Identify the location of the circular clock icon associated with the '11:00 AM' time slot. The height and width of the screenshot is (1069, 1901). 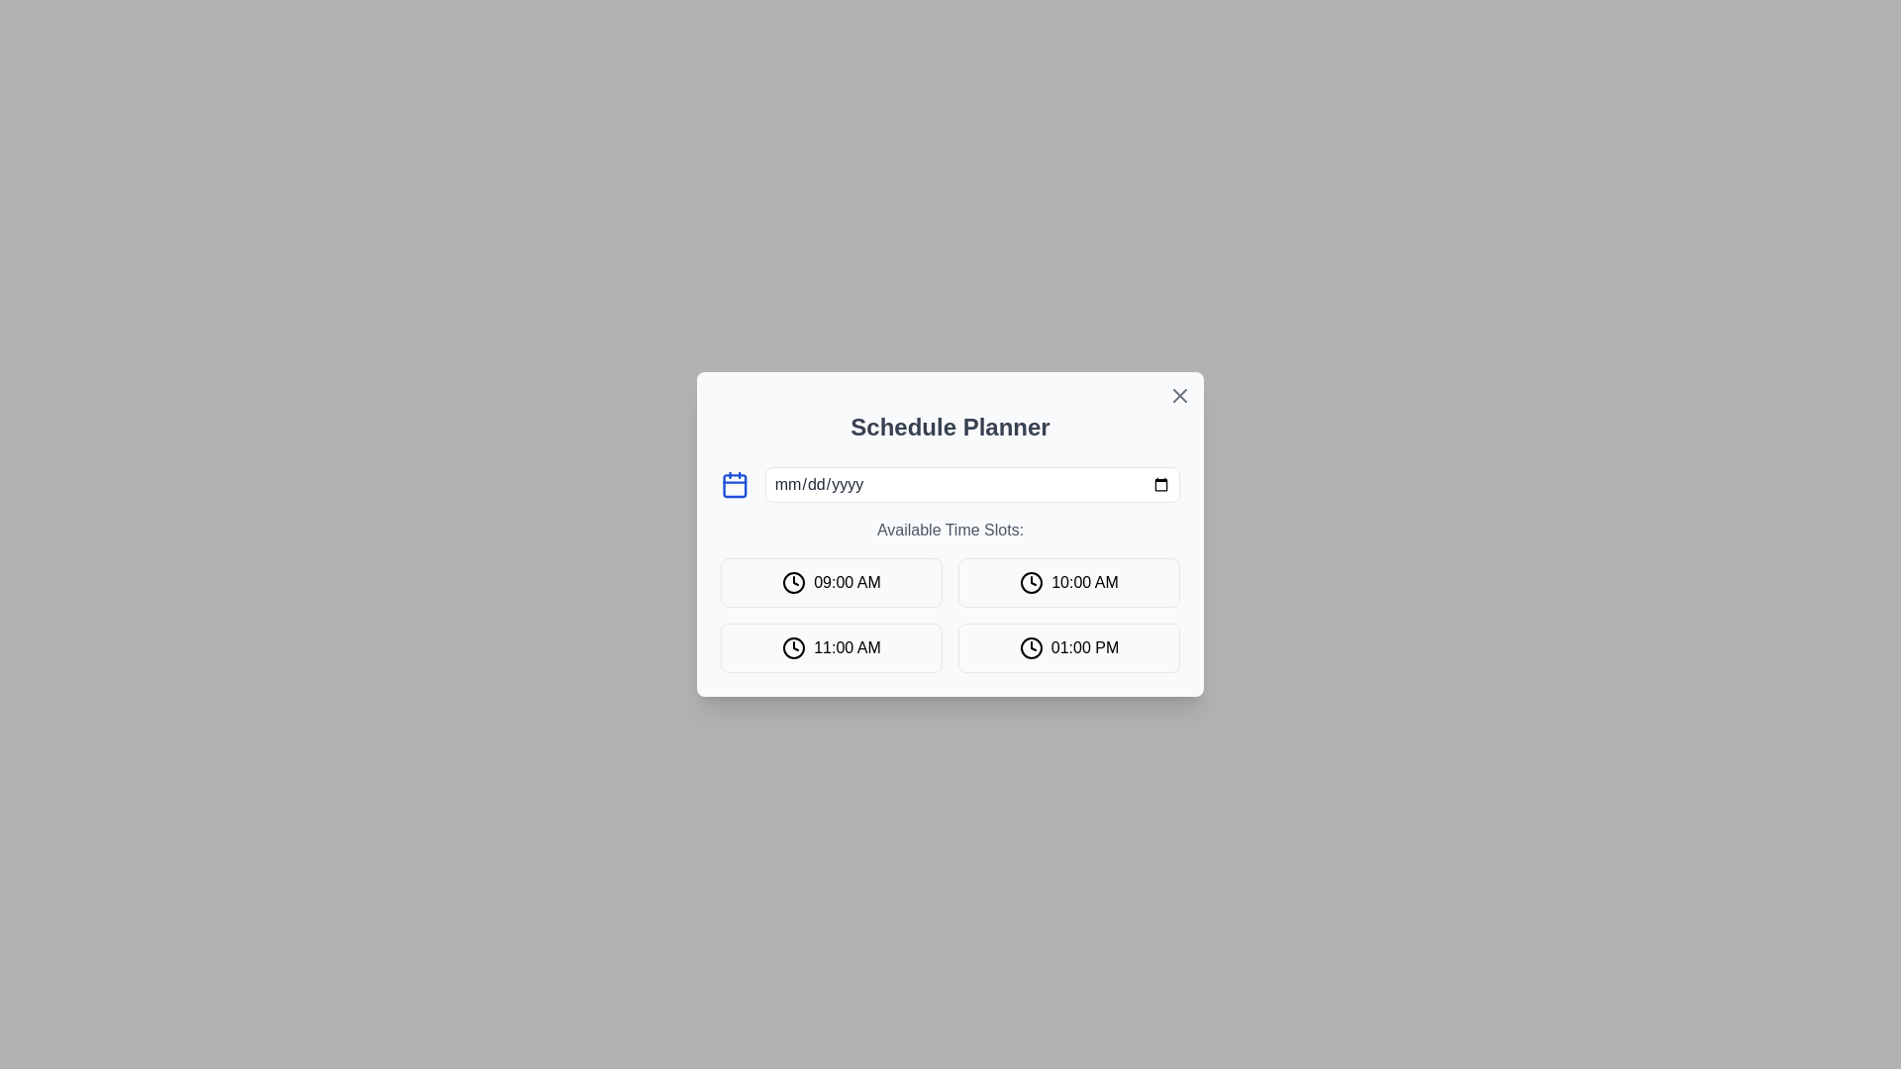
(794, 648).